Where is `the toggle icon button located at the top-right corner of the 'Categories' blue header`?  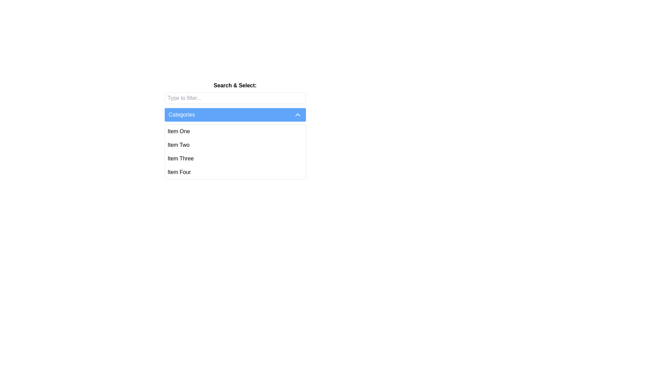
the toggle icon button located at the top-right corner of the 'Categories' blue header is located at coordinates (297, 115).